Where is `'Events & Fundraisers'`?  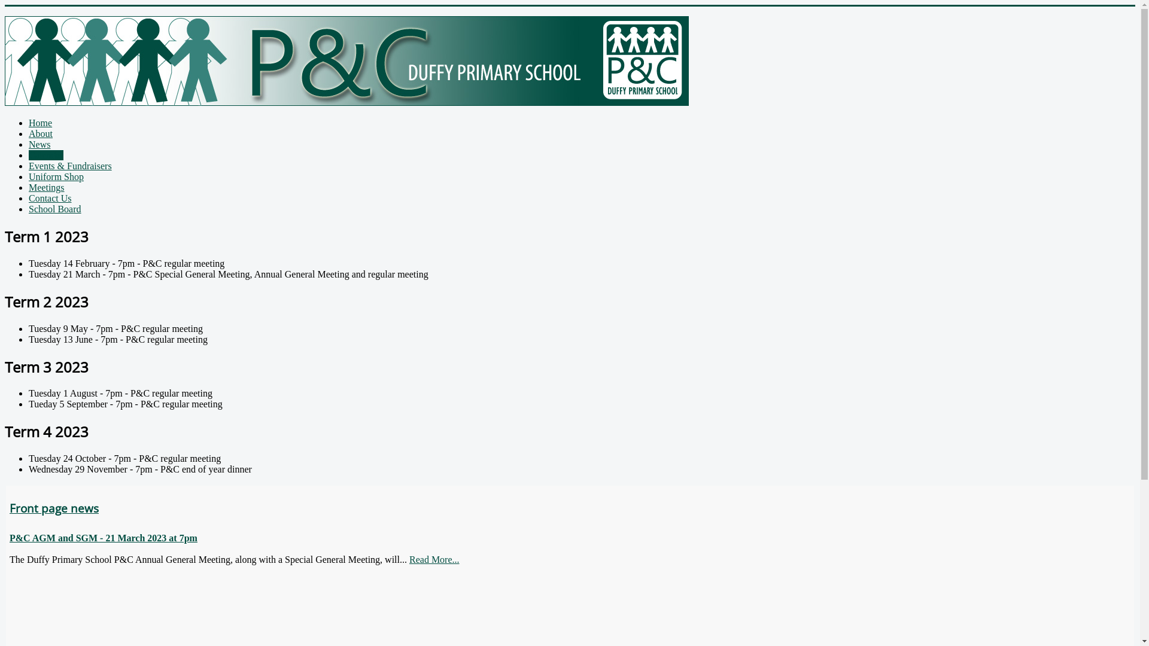
'Events & Fundraisers' is located at coordinates (69, 166).